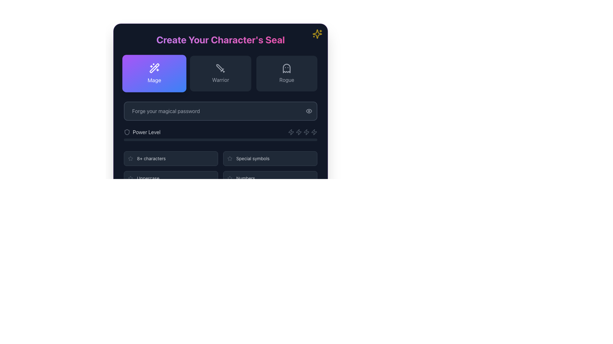  I want to click on the power energy icon, represented by a lightning bolt, located in the bottom-right corner of the 'Create Your Character's Seal' panel, so click(291, 132).